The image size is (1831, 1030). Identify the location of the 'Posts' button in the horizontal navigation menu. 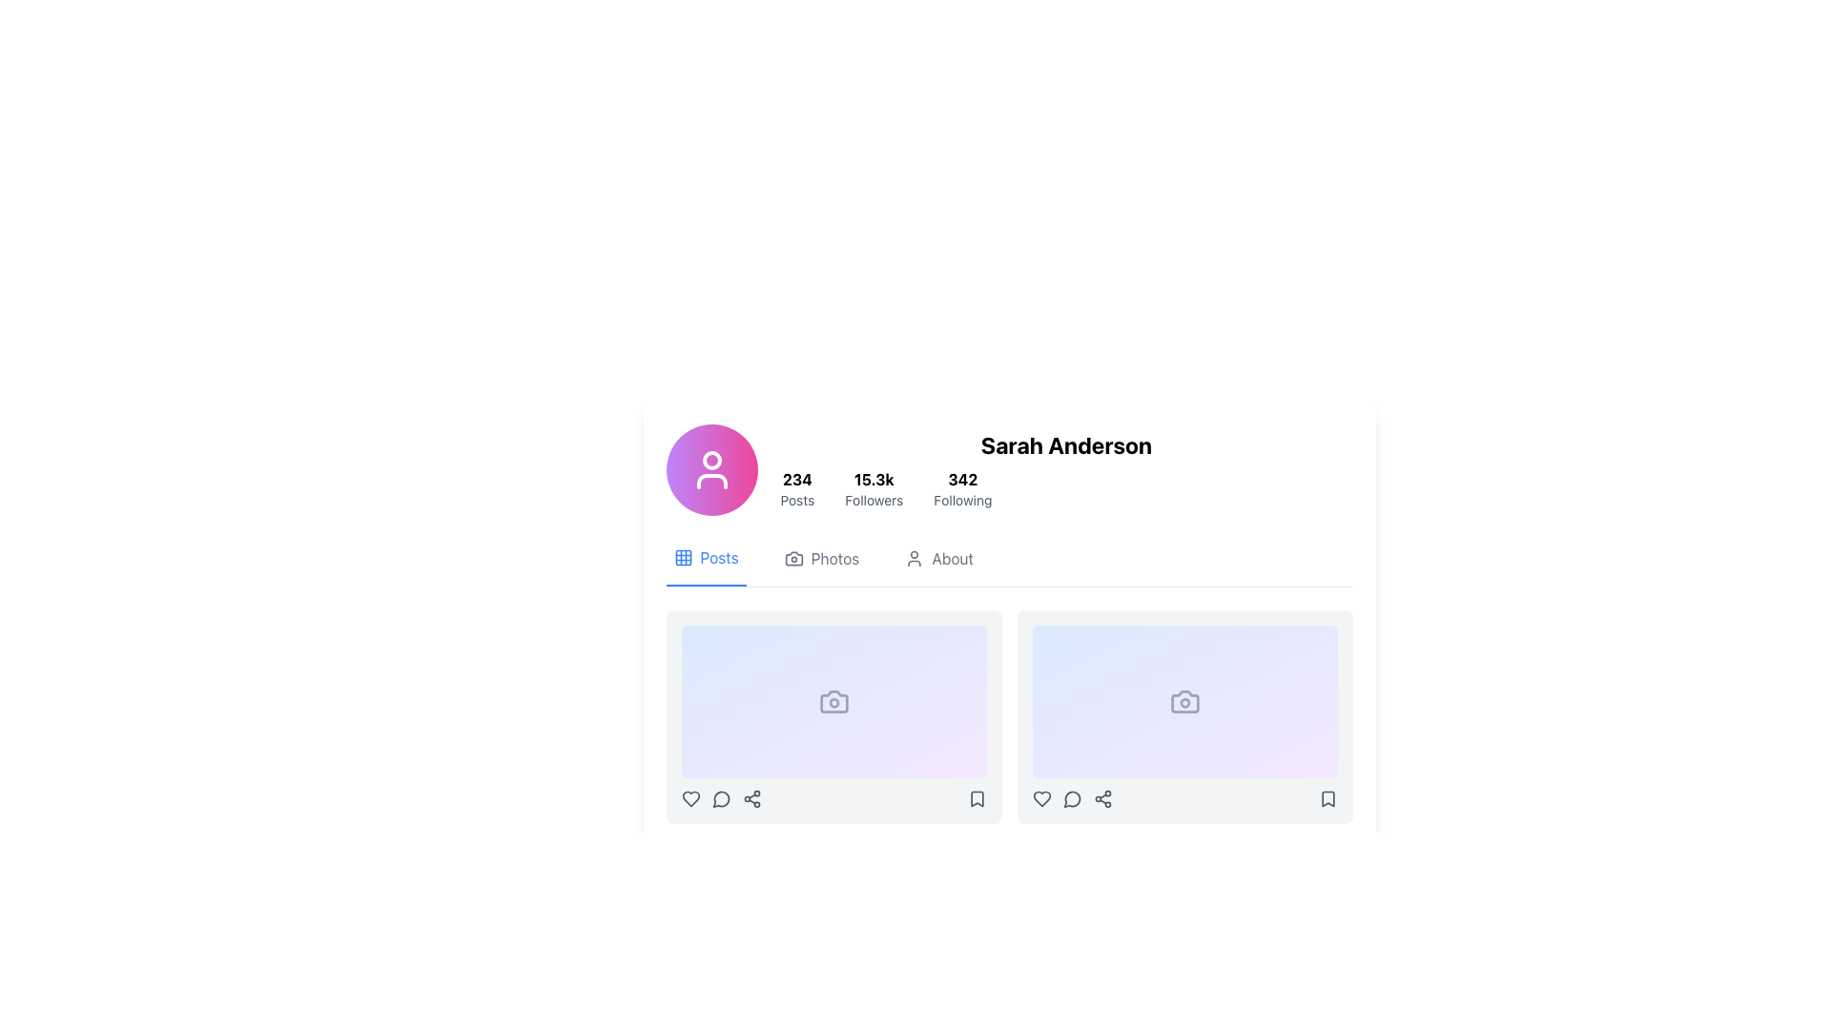
(705, 566).